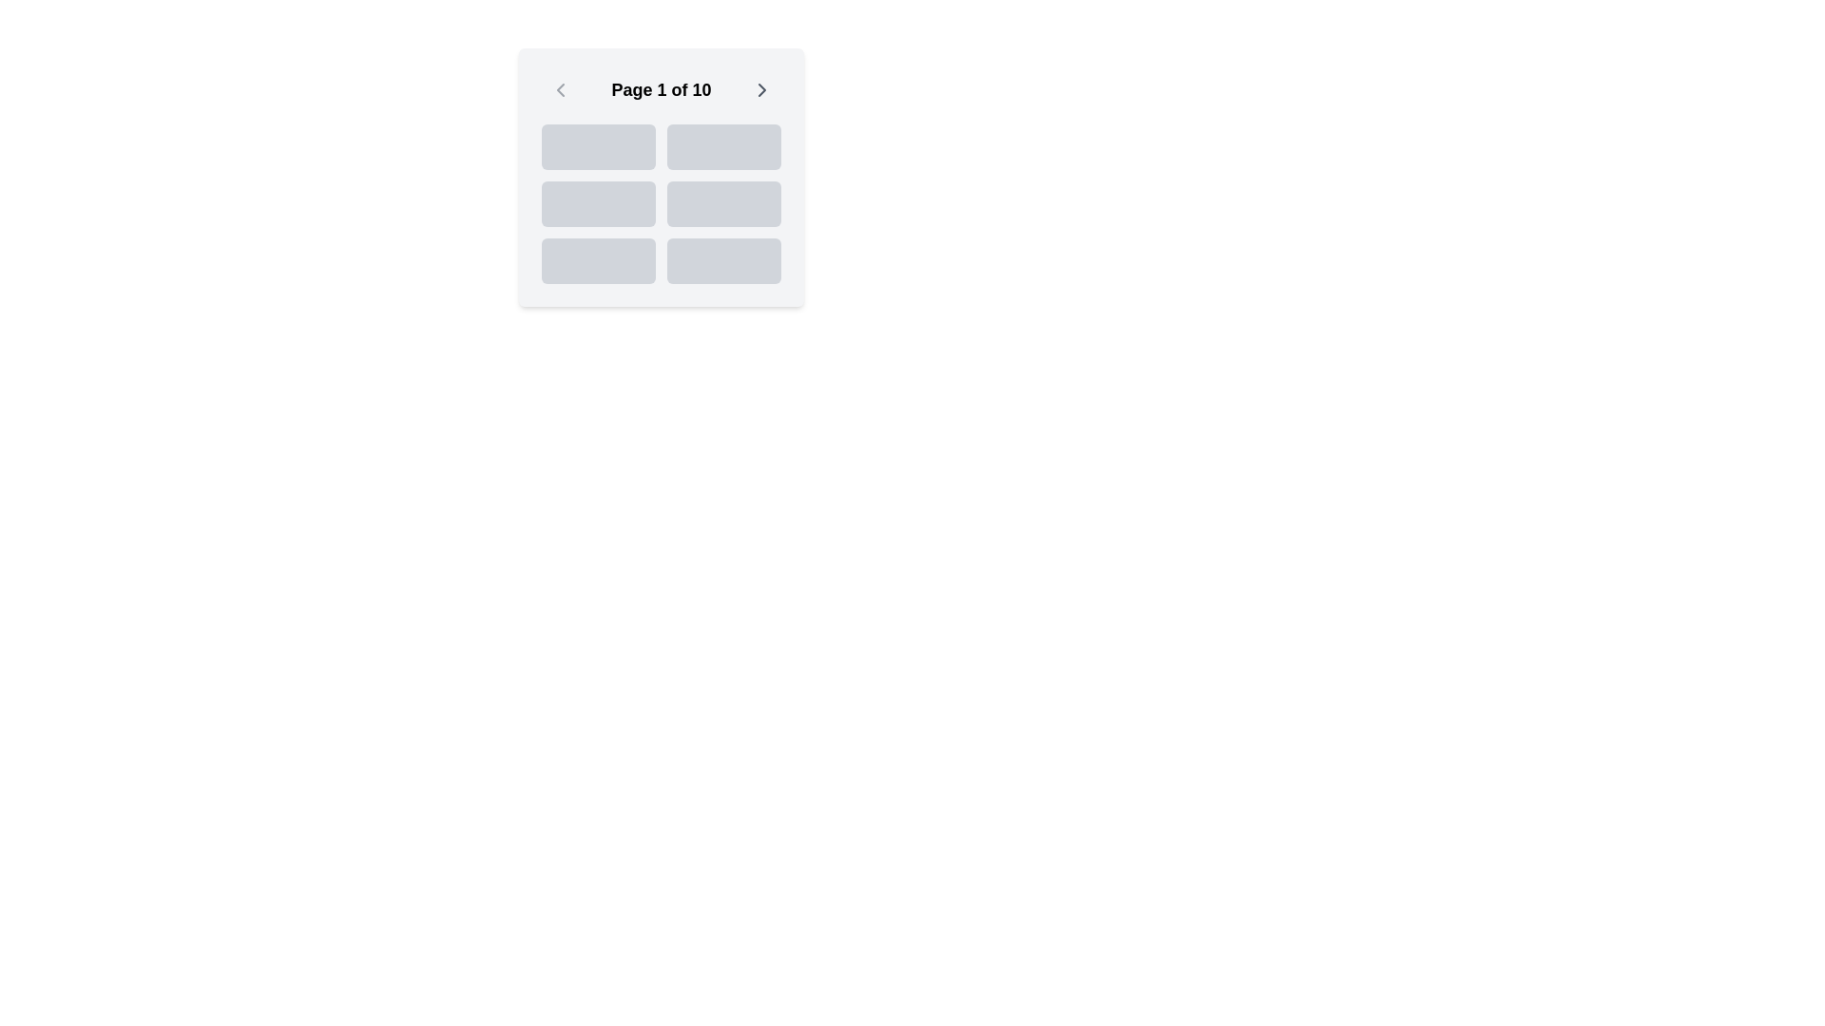 This screenshot has width=1825, height=1026. Describe the element at coordinates (723, 145) in the screenshot. I see `the second item in the first row of a 2-column grid layout, positioned at the top-right corner` at that location.